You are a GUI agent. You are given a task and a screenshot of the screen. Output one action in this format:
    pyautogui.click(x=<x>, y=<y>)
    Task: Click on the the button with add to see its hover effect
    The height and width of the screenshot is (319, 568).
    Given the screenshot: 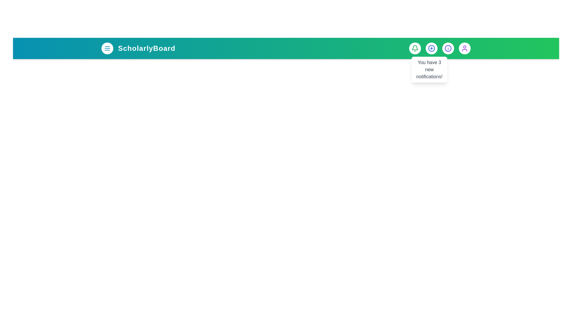 What is the action you would take?
    pyautogui.click(x=432, y=48)
    